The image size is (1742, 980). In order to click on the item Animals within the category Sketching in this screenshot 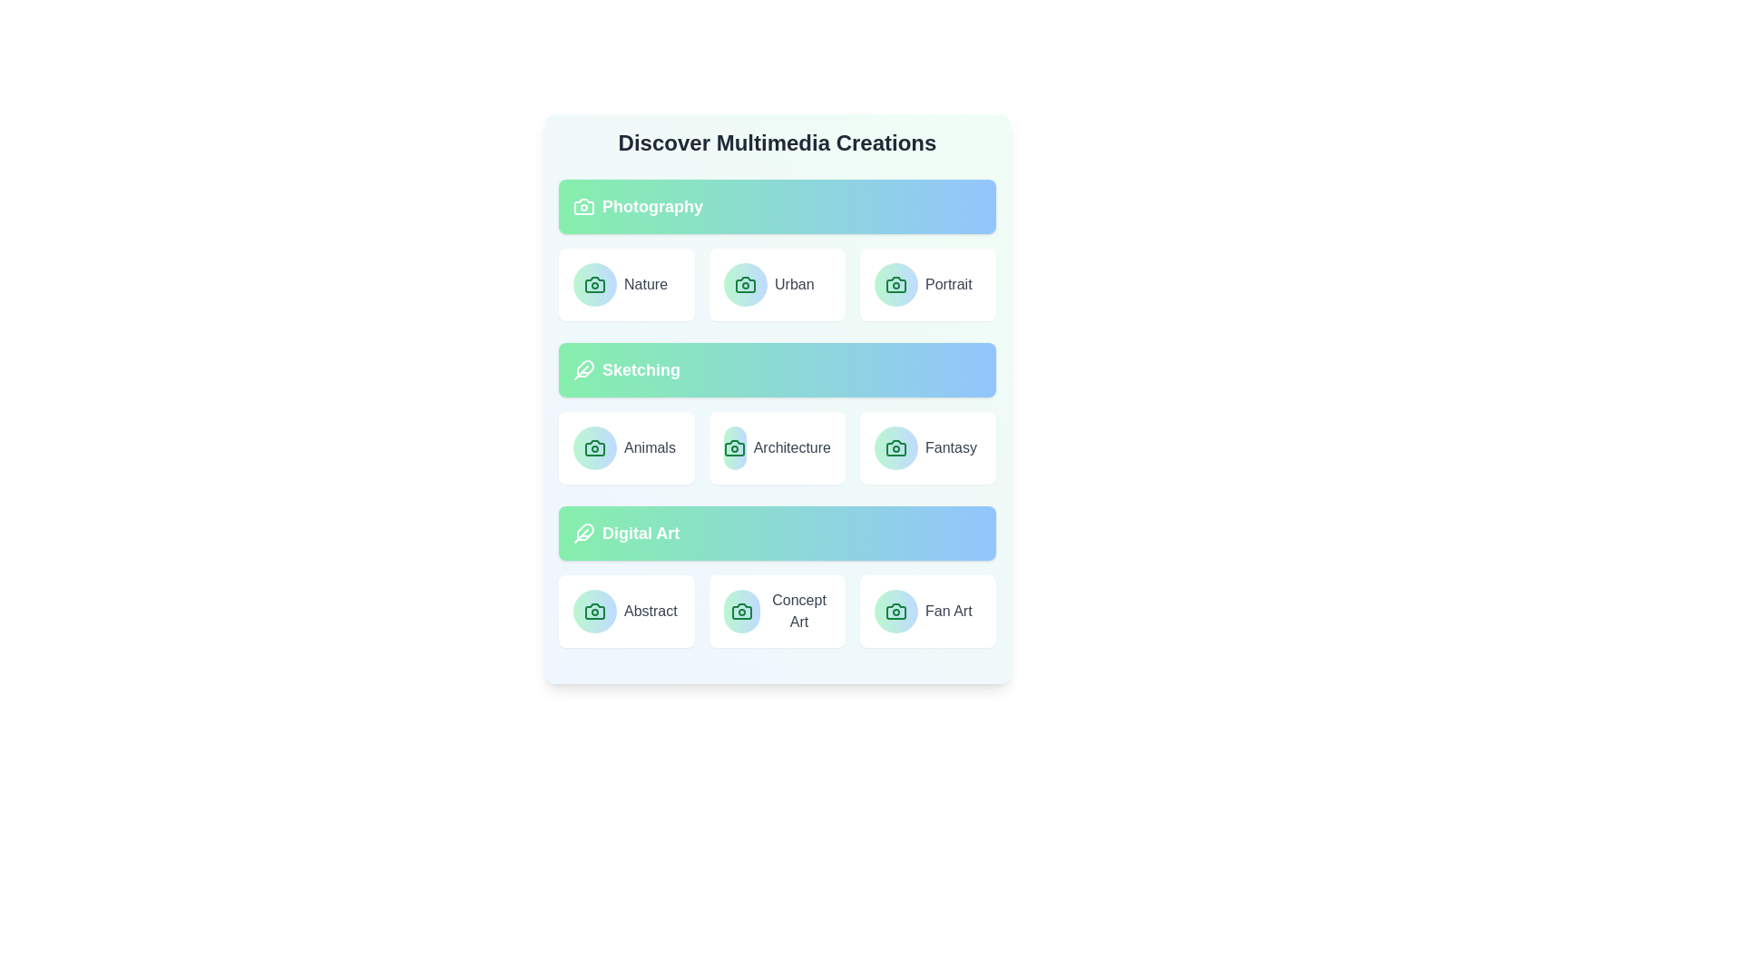, I will do `click(627, 447)`.